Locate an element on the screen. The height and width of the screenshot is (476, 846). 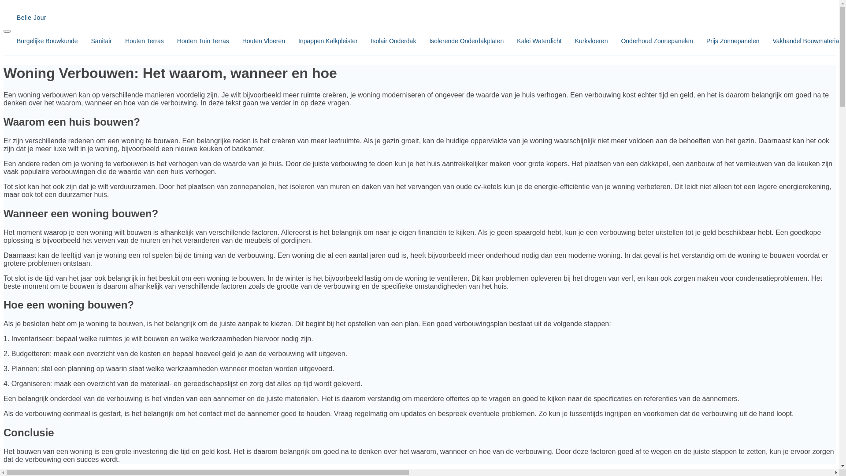
'Isolair Onderdak' is located at coordinates (357, 41).